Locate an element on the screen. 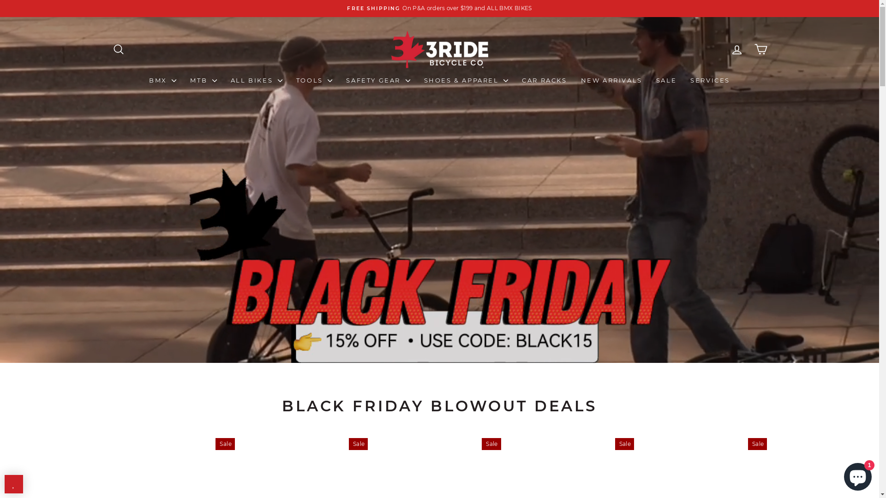 The width and height of the screenshot is (886, 498). 'NEW ARRIVALS' is located at coordinates (611, 79).